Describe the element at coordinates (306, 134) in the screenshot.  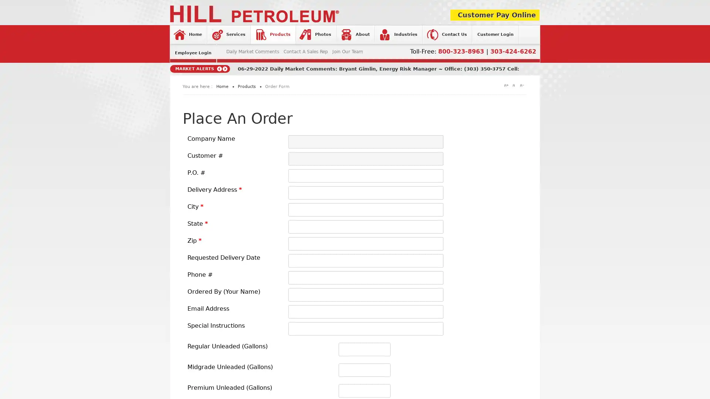
I see `Login` at that location.